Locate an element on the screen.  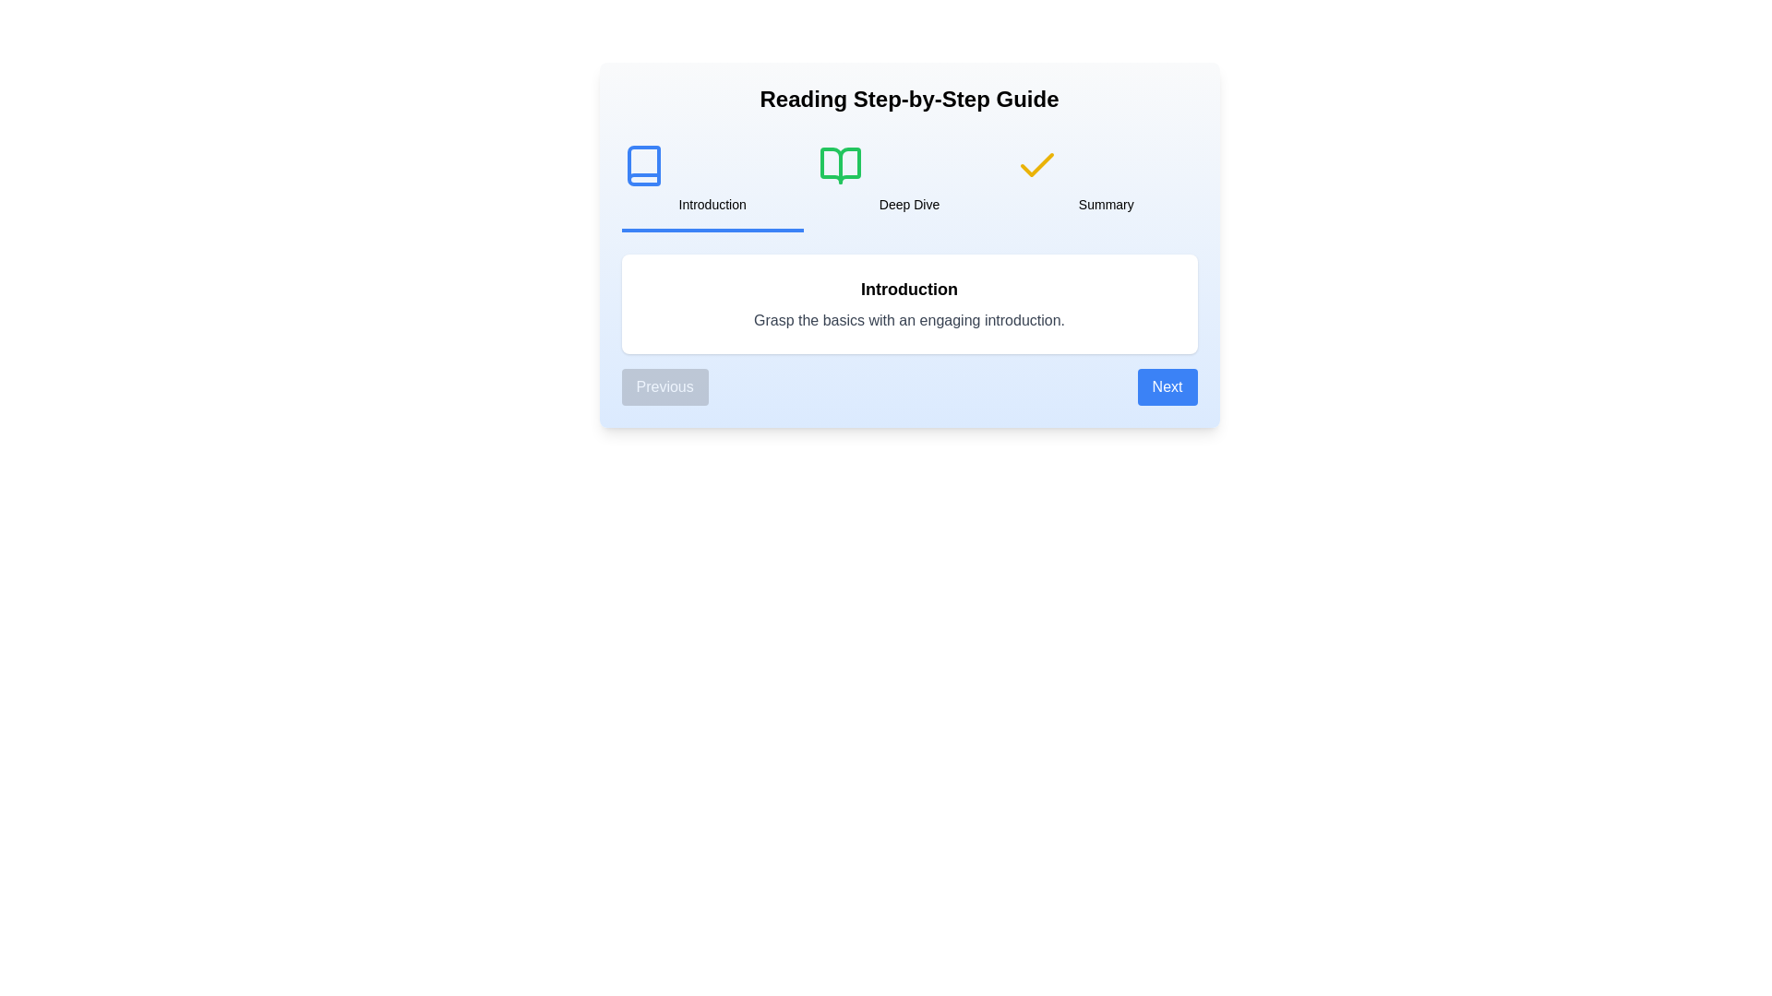
the step title Deep Dive to switch to the corresponding step is located at coordinates (908, 181).